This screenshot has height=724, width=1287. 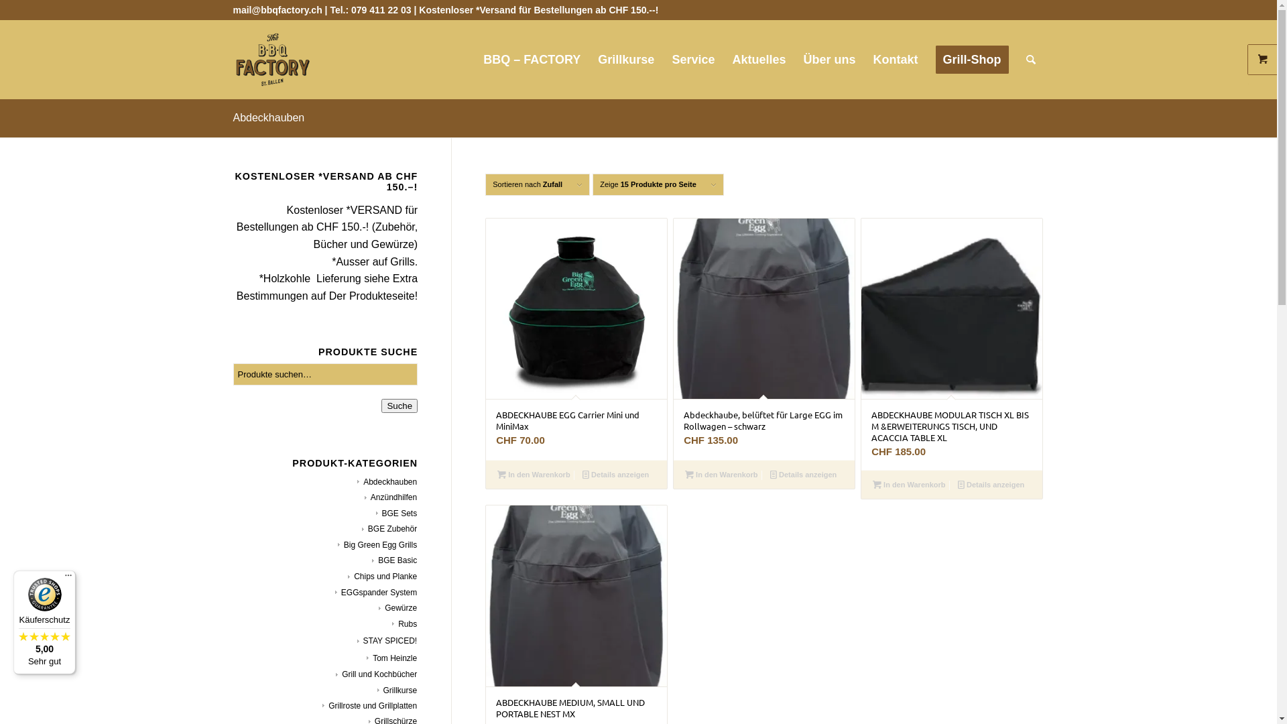 What do you see at coordinates (803, 474) in the screenshot?
I see `'Details anzeigen'` at bounding box center [803, 474].